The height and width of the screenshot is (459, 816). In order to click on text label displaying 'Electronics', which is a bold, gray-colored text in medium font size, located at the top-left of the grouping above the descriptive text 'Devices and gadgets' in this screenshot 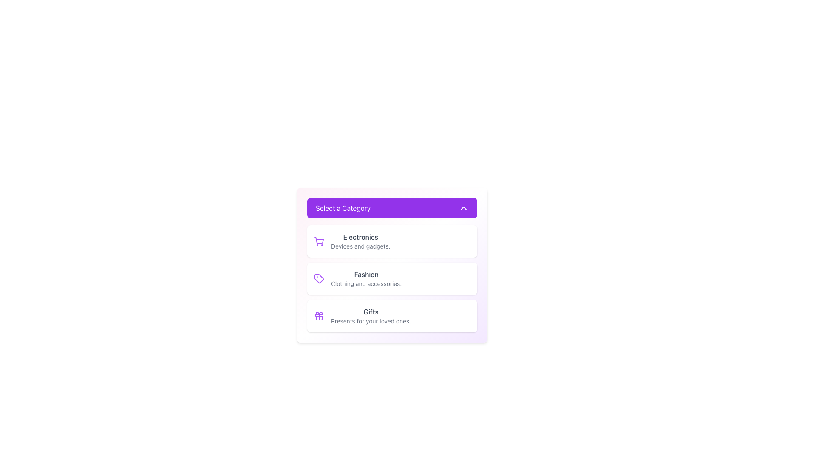, I will do `click(360, 237)`.